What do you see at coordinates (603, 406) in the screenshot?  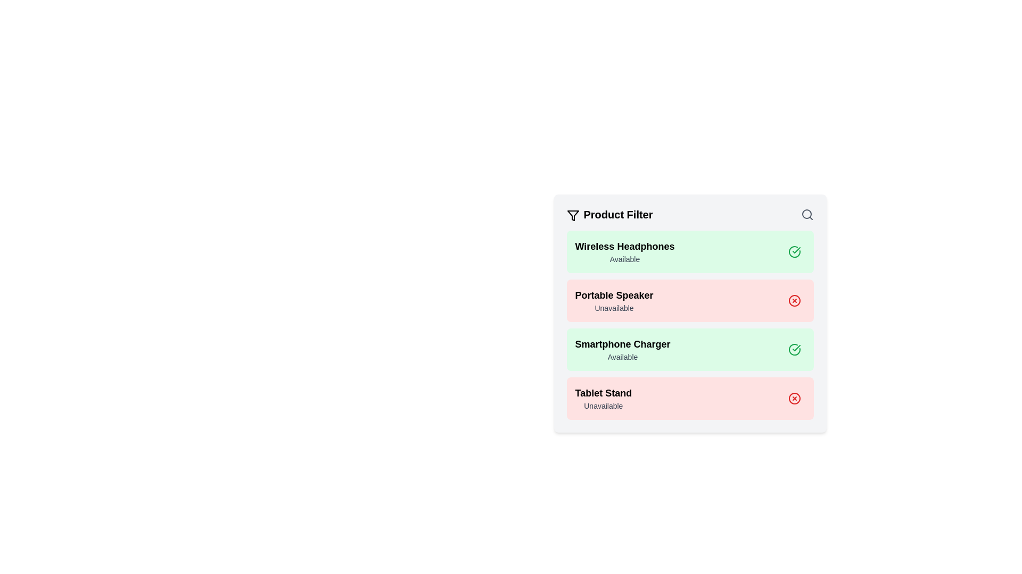 I see `the 'Unavailable' label with gray font on a pink background, located beneath the 'Tablet Stand' item's title in the product filter list` at bounding box center [603, 406].